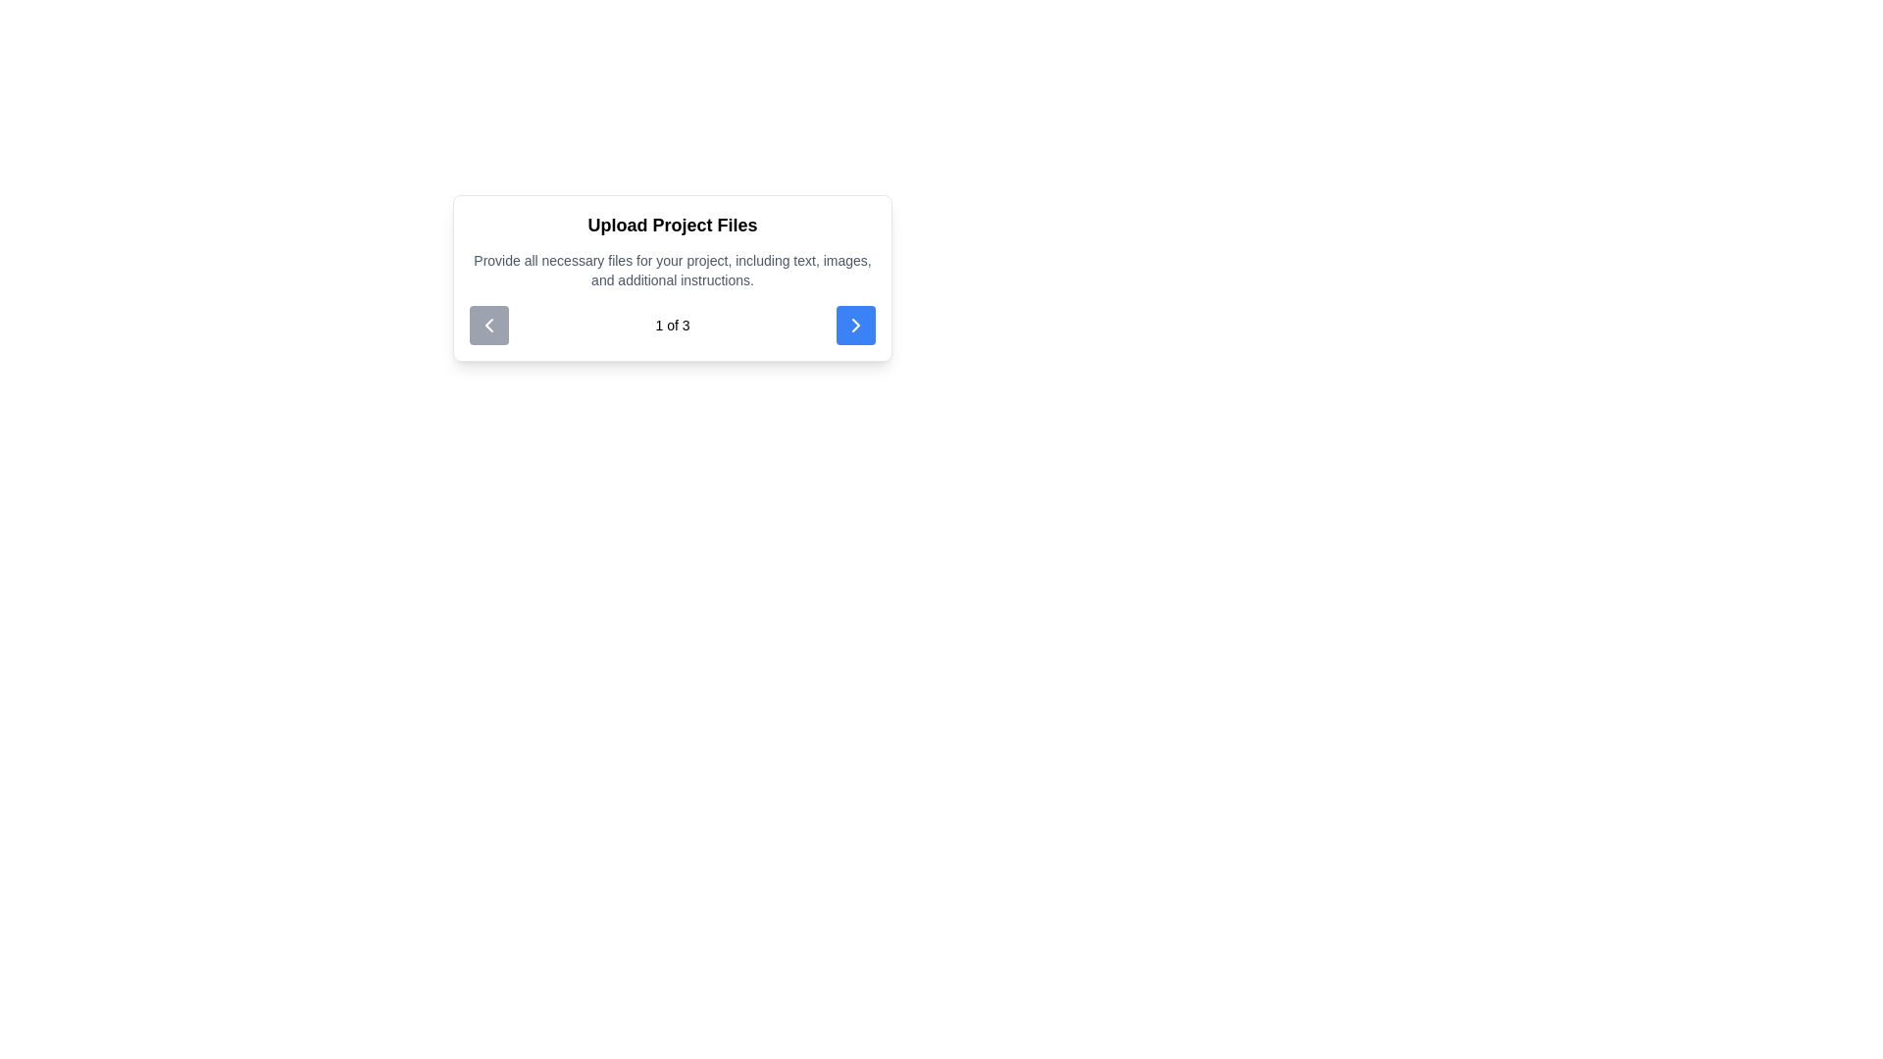 The image size is (1883, 1059). What do you see at coordinates (489, 324) in the screenshot?
I see `the Chevron icon, which is located in the left corner of the pagination section, to possibly reveal additional information` at bounding box center [489, 324].